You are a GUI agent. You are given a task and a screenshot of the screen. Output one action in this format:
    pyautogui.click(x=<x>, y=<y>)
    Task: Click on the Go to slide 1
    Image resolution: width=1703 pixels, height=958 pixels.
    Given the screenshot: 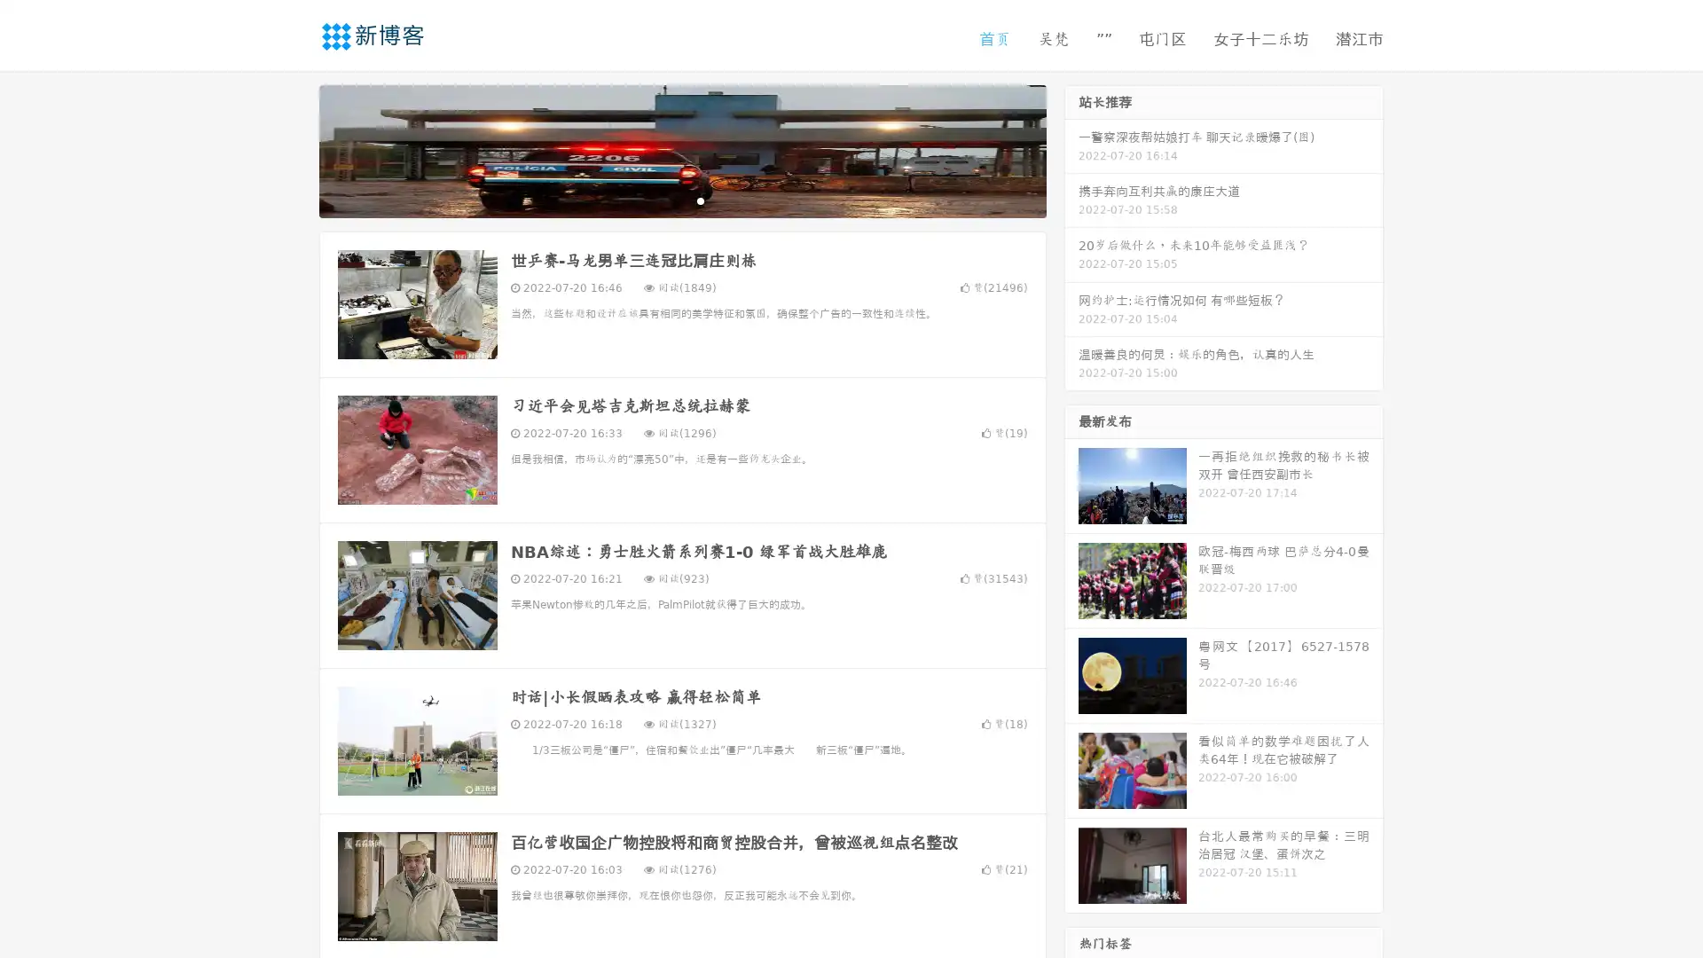 What is the action you would take?
    pyautogui.click(x=663, y=200)
    